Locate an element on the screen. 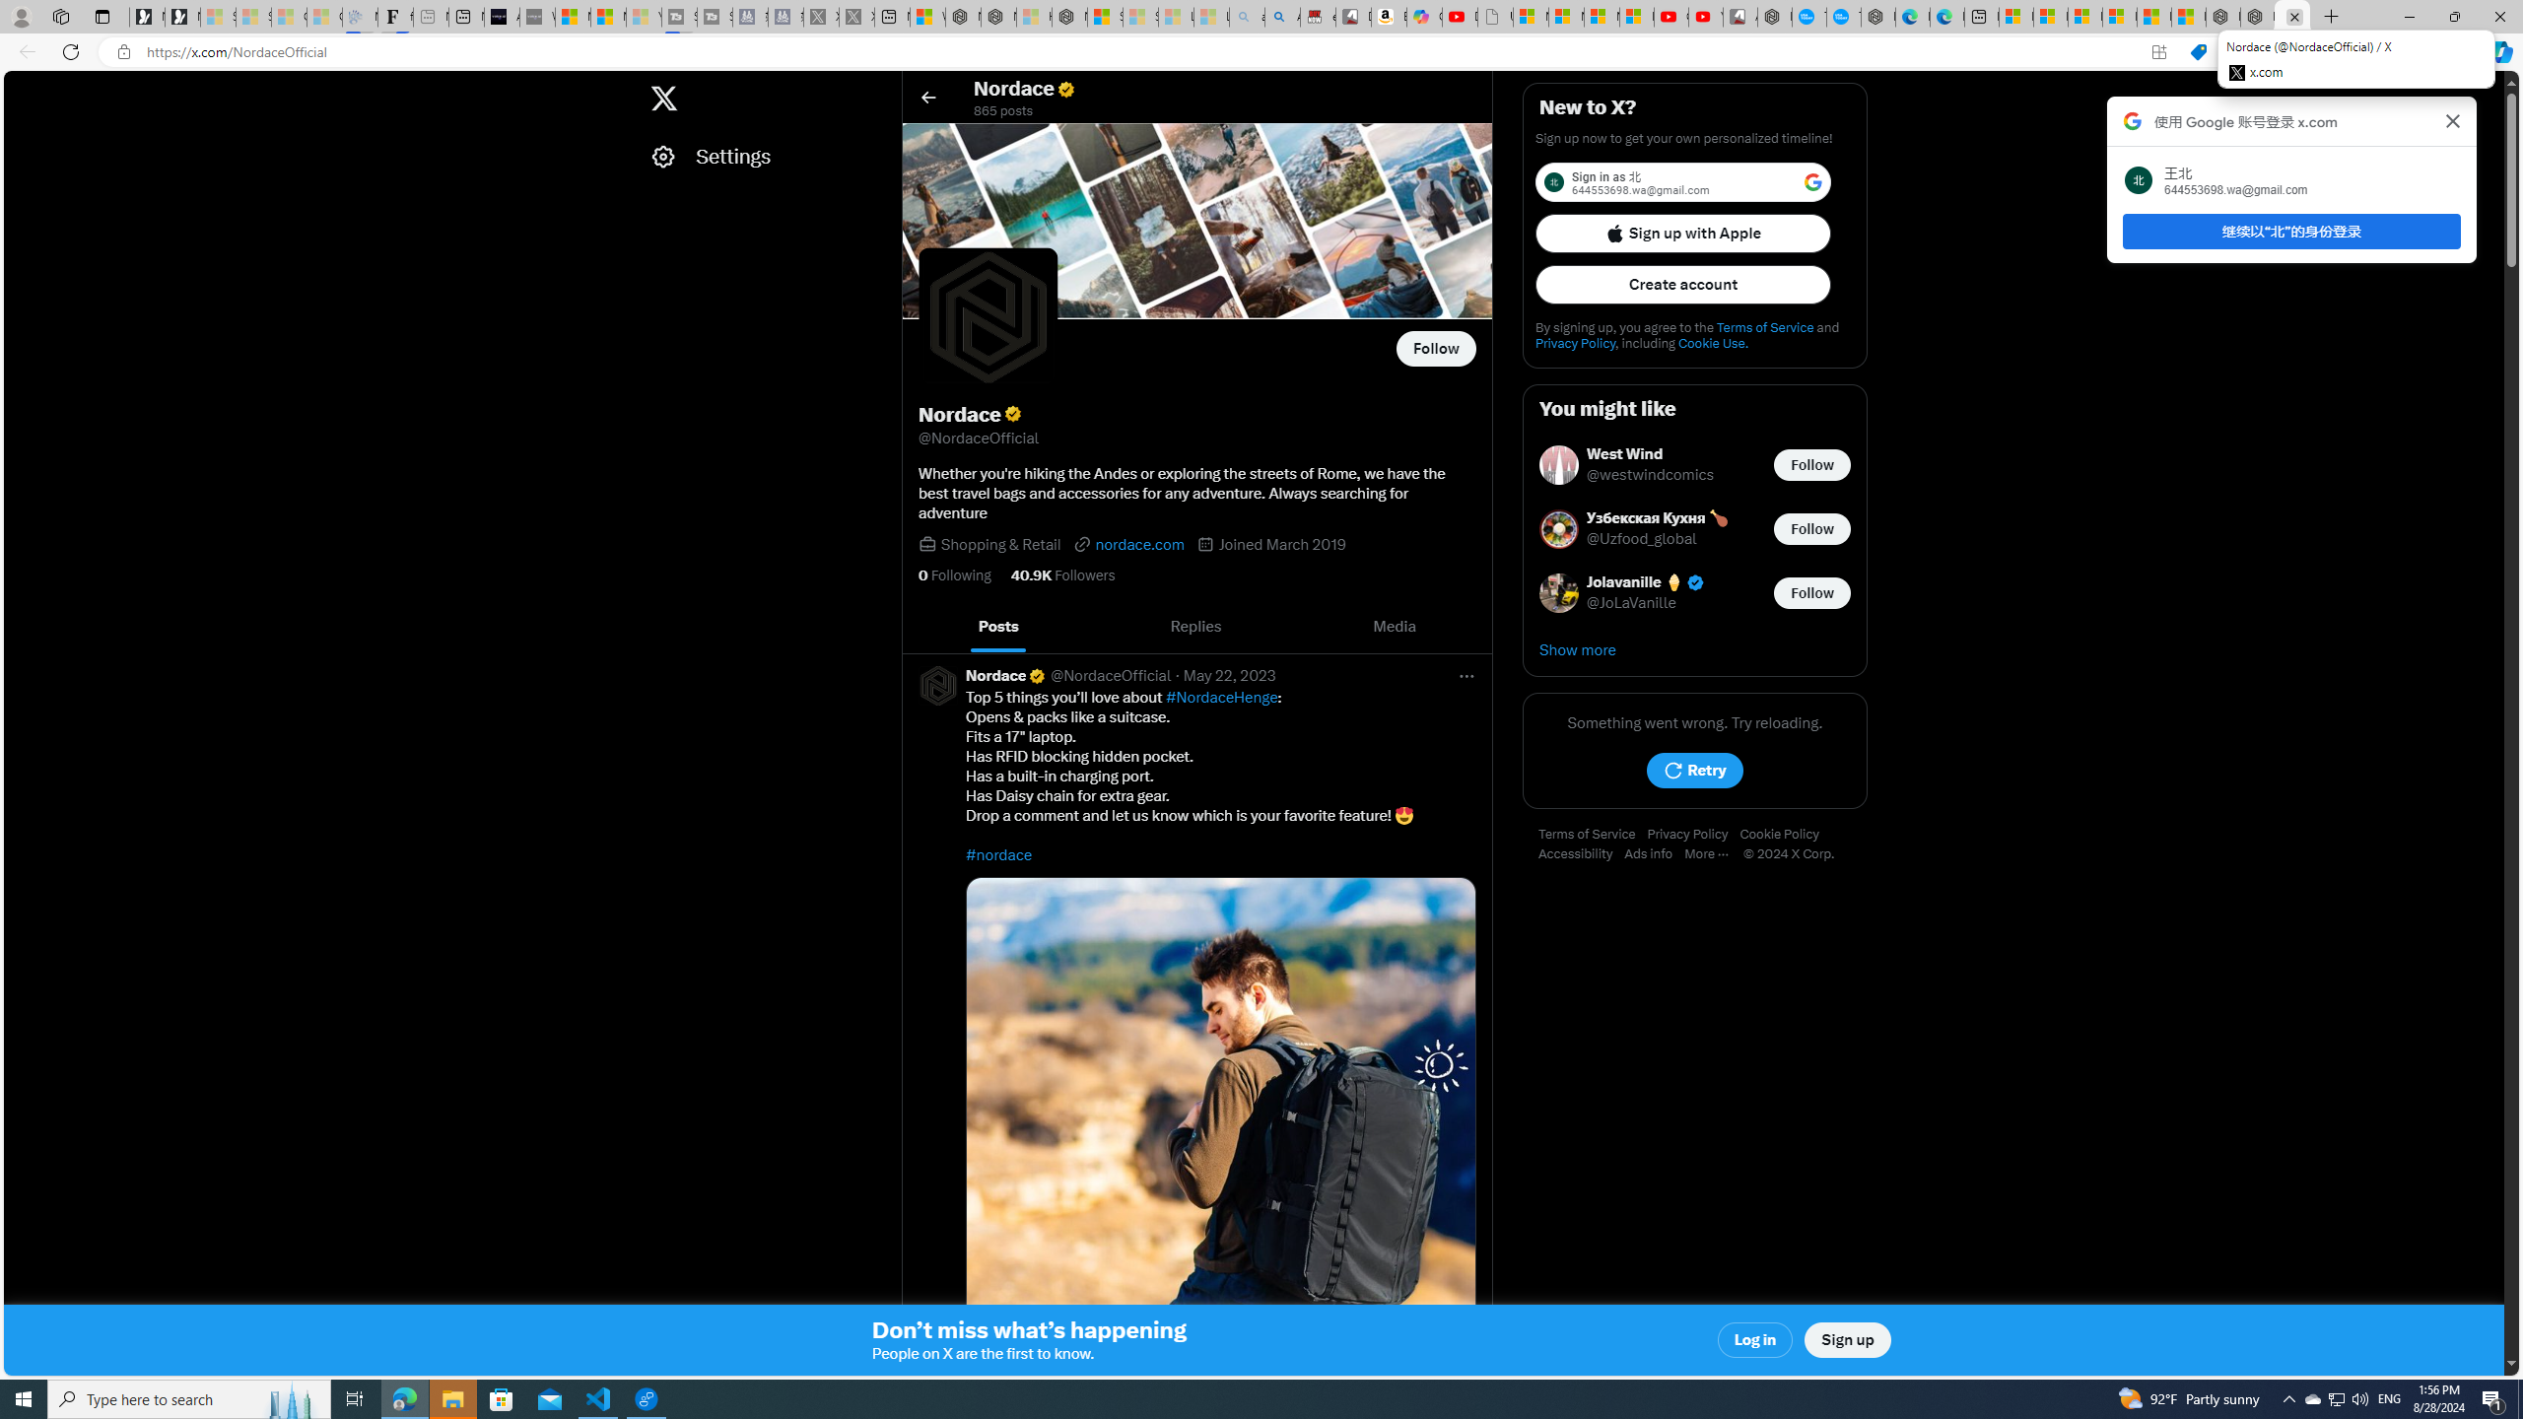 This screenshot has height=1419, width=2523. '@Uzfood_global' is located at coordinates (1642, 539).